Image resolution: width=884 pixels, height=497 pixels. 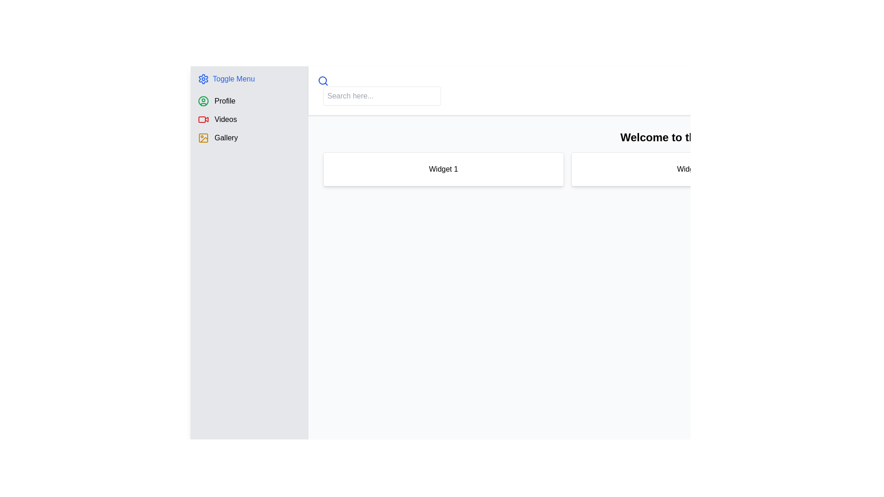 I want to click on the 'Profile' section text label, so click(x=225, y=101).